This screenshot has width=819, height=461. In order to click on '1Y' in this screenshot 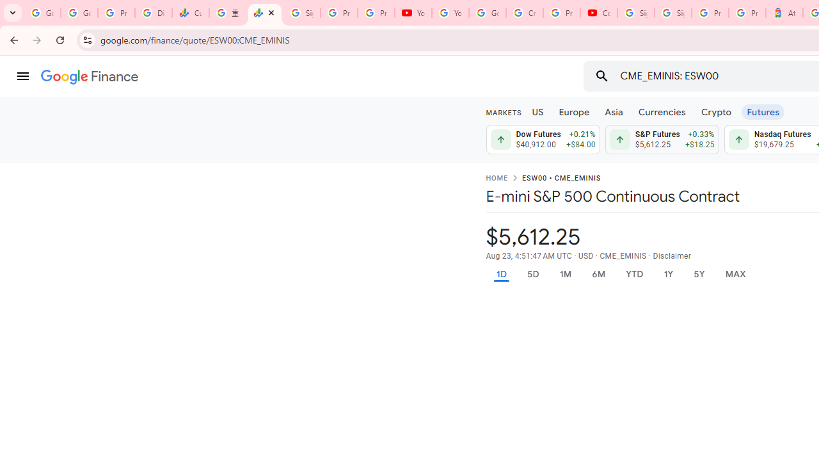, I will do `click(668, 273)`.